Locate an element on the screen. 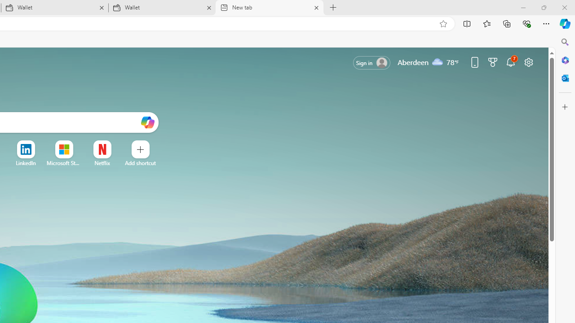  'Page settings' is located at coordinates (528, 61).